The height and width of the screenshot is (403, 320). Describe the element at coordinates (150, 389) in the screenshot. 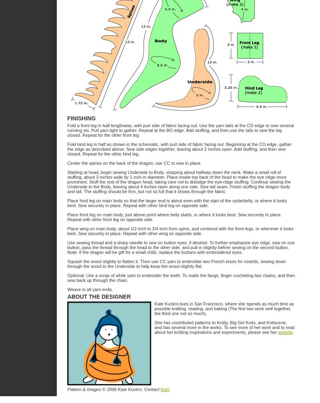

I see `'. Contact'` at that location.